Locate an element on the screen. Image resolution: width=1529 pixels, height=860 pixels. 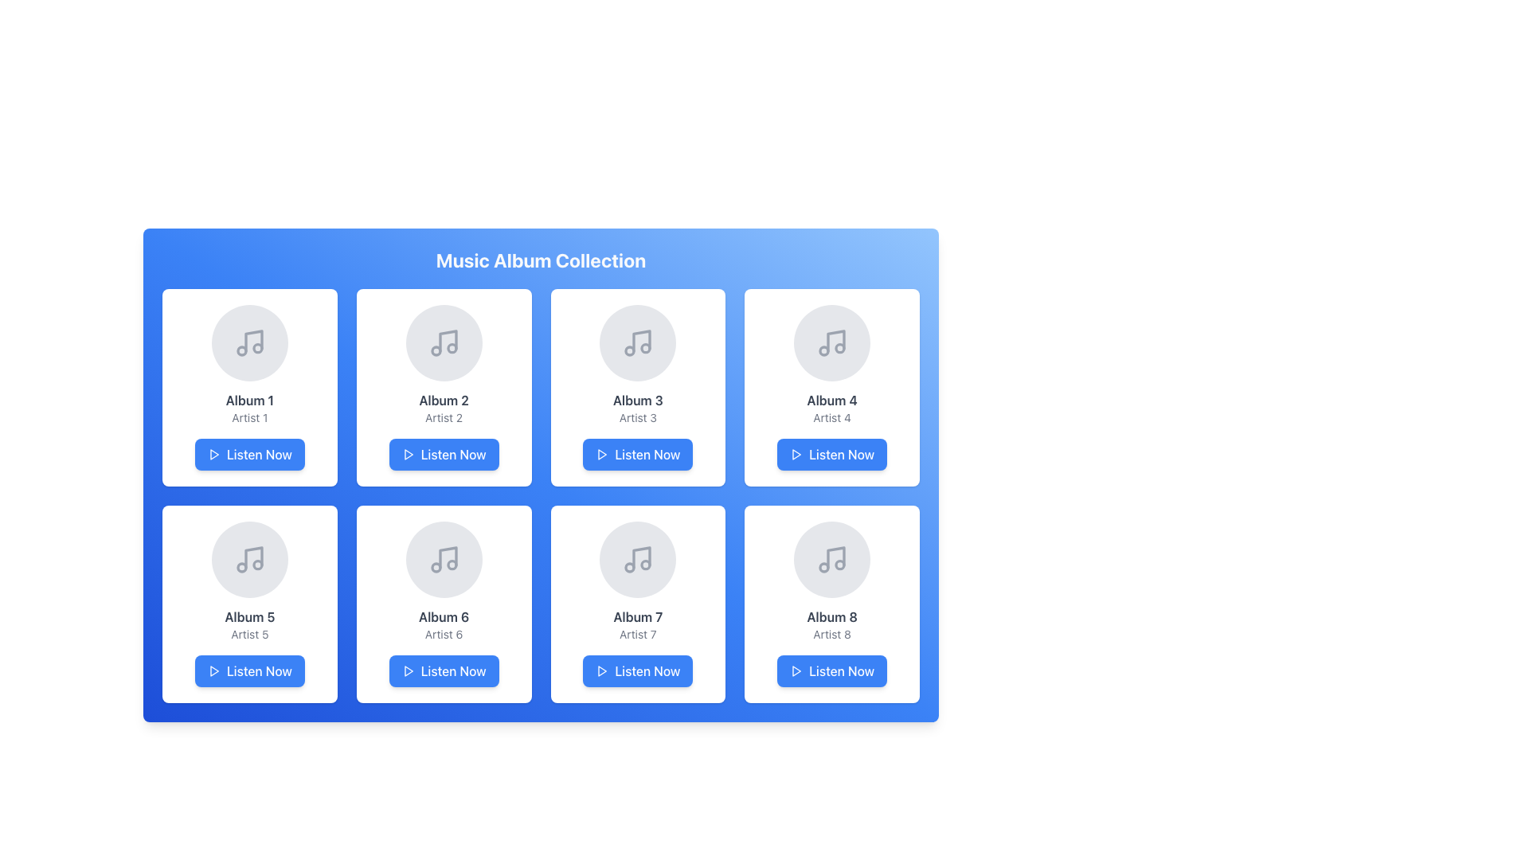
the text label displaying the title of the album located in the third card of the top row in the music album grid layout, which is positioned above the 'Artist 3' text and below the circular icon area is located at coordinates (638, 399).